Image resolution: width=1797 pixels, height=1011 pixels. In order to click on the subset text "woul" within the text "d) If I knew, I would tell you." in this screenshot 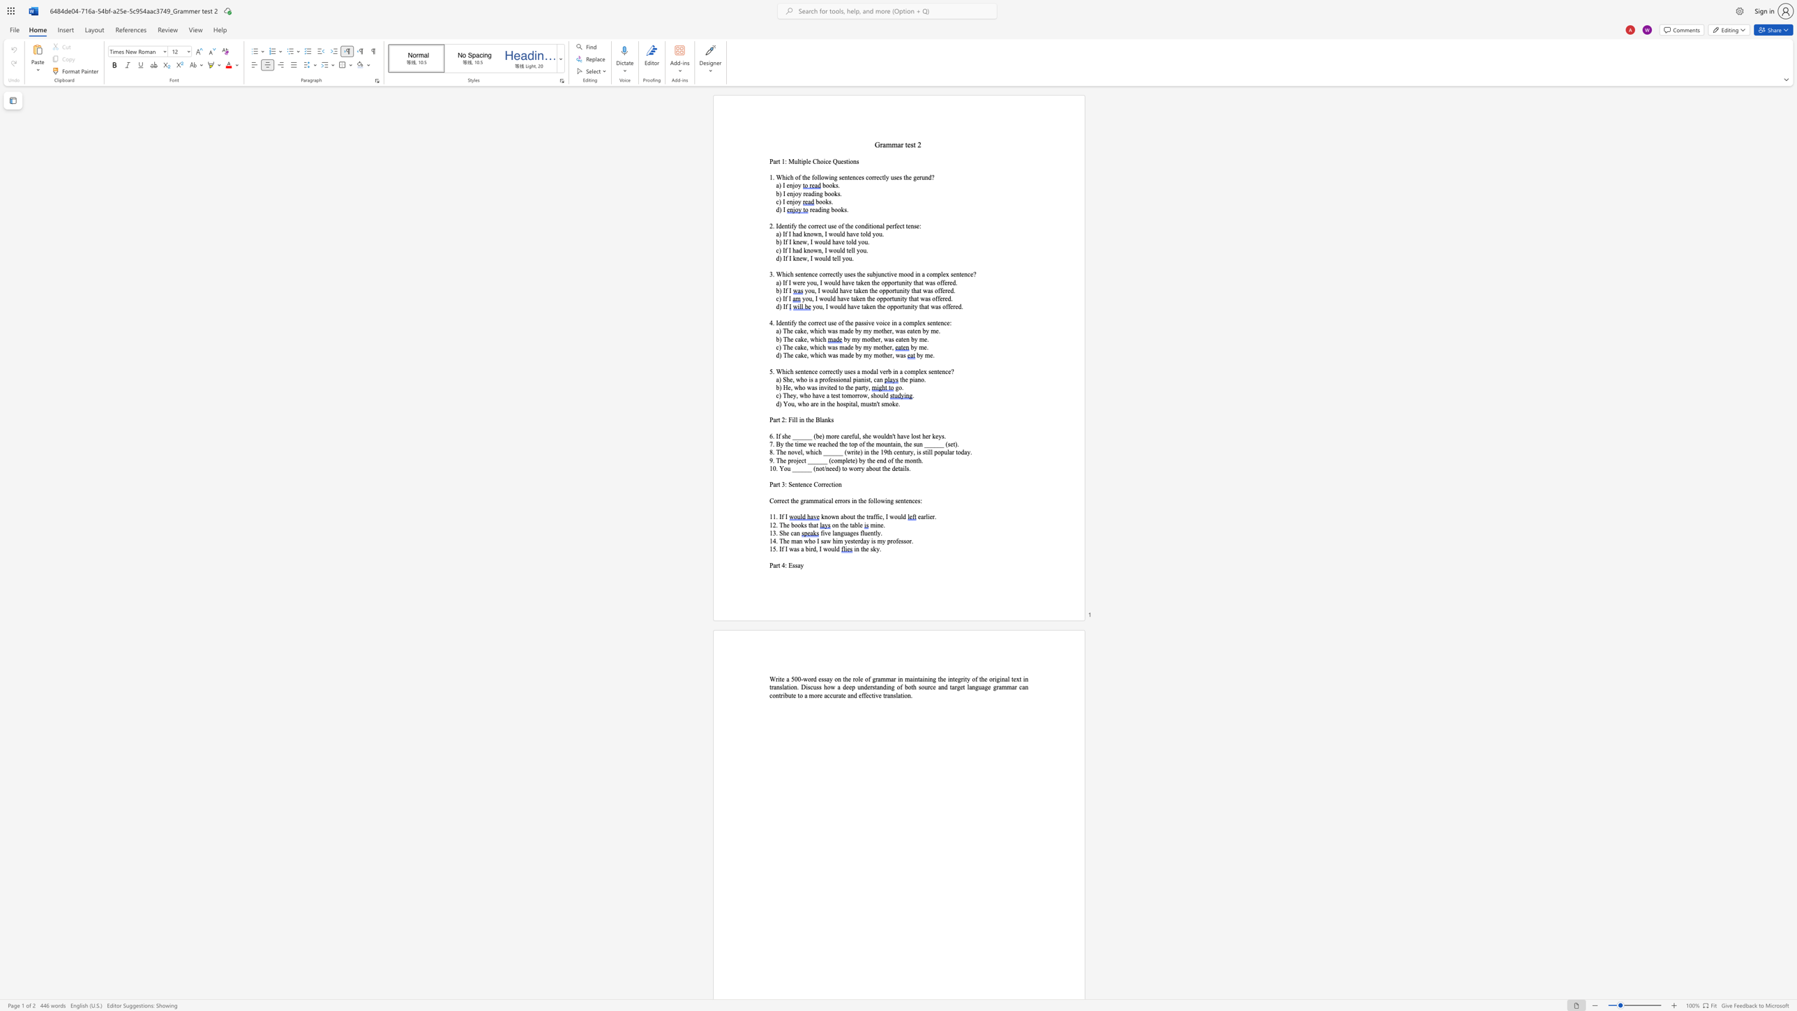, I will do `click(814, 257)`.